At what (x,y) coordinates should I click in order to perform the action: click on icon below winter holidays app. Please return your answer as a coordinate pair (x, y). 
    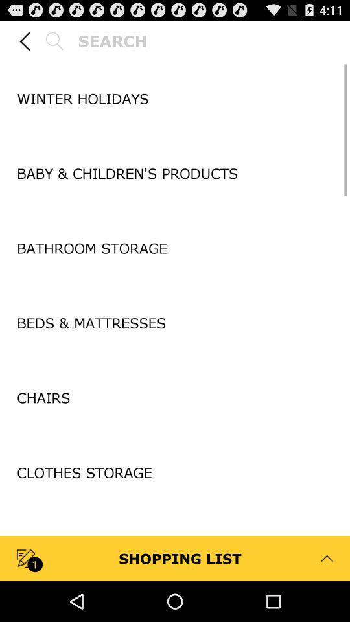
    Looking at the image, I should click on (175, 135).